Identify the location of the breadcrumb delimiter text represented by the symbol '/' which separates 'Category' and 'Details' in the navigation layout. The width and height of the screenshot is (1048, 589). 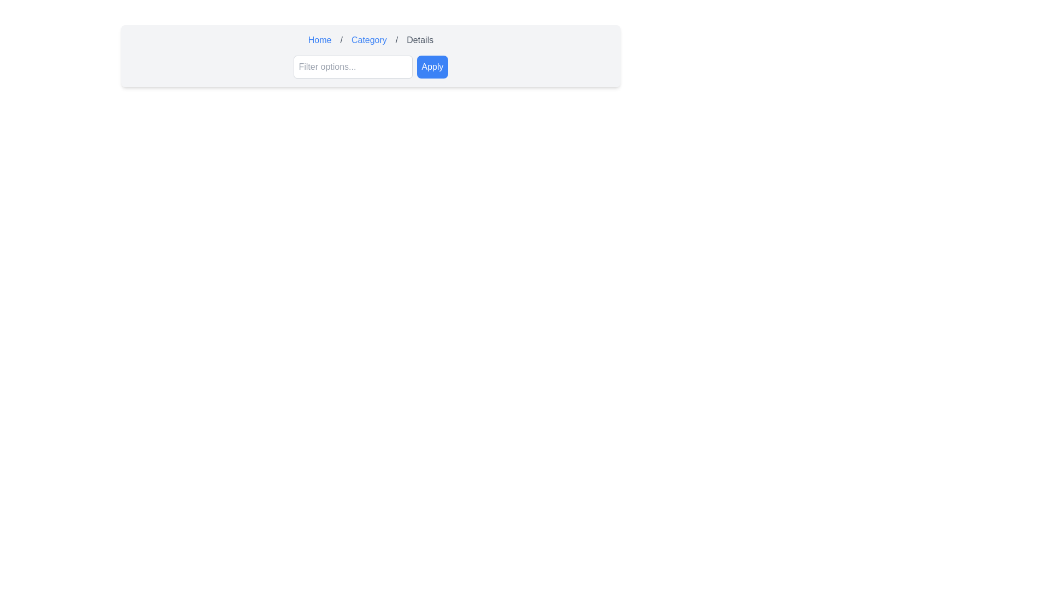
(396, 39).